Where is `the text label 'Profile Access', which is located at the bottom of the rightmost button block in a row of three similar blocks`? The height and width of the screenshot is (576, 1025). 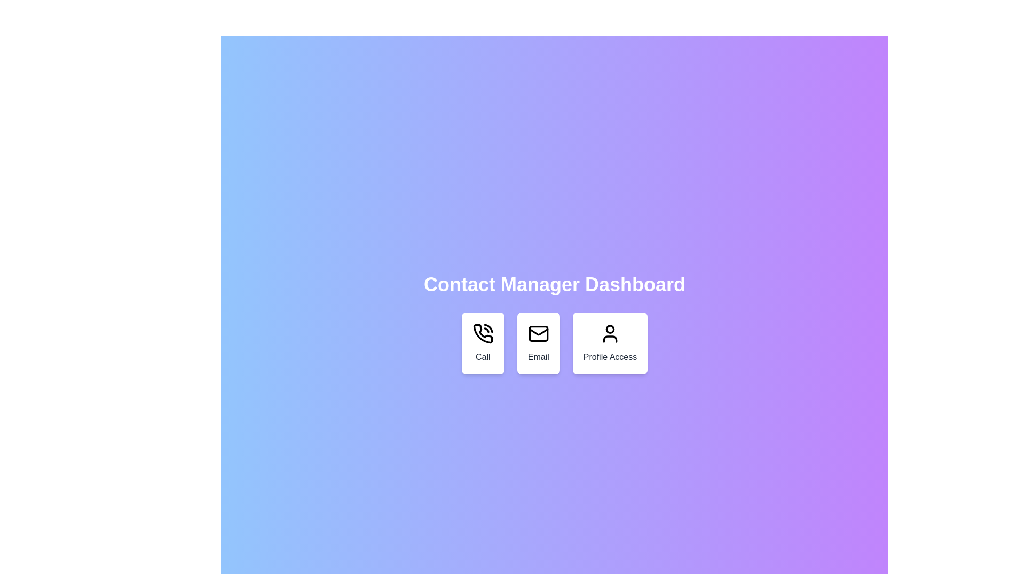 the text label 'Profile Access', which is located at the bottom of the rightmost button block in a row of three similar blocks is located at coordinates (610, 357).